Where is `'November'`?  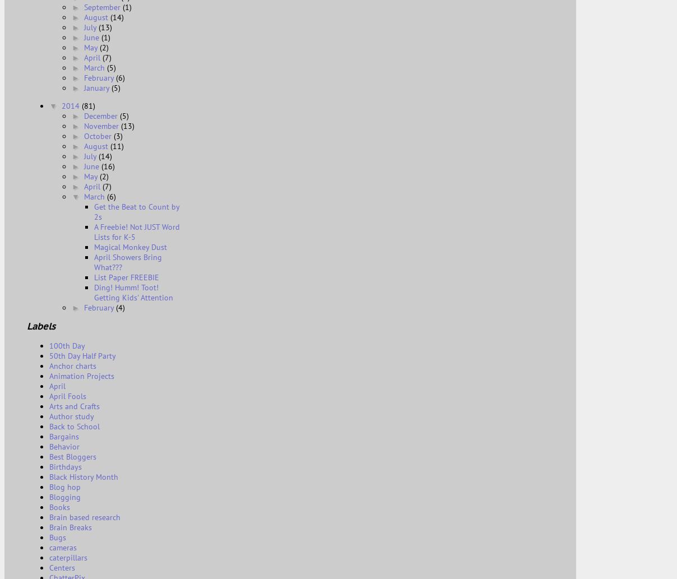 'November' is located at coordinates (102, 125).